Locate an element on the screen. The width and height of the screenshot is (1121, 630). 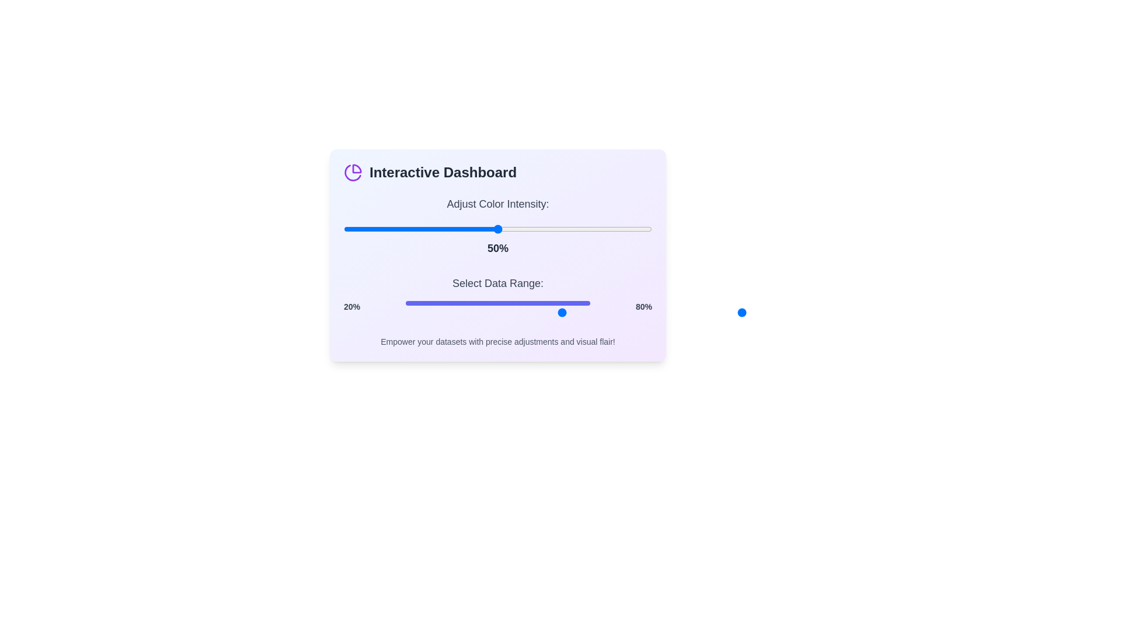
the Text header titled 'Interactive Dashboard' located at the top of the card layout is located at coordinates (498, 173).